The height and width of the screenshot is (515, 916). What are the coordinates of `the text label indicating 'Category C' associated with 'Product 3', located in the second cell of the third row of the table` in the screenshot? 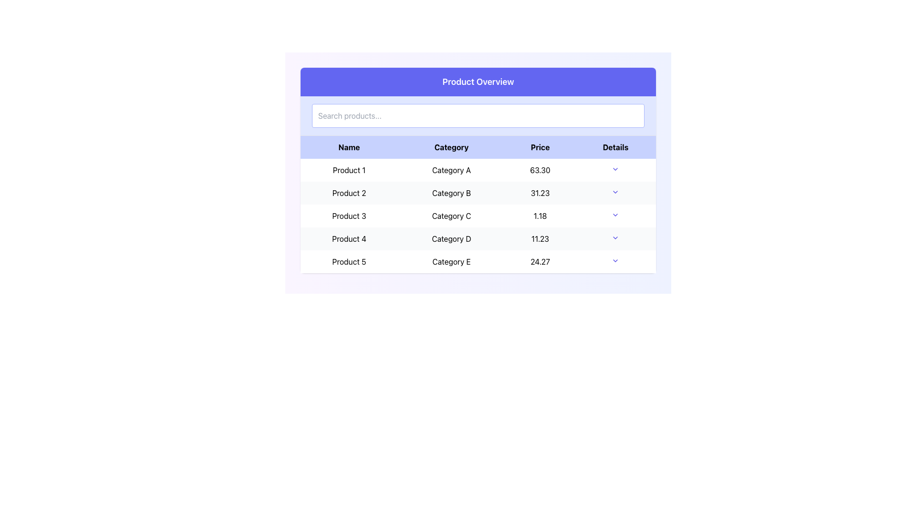 It's located at (451, 216).